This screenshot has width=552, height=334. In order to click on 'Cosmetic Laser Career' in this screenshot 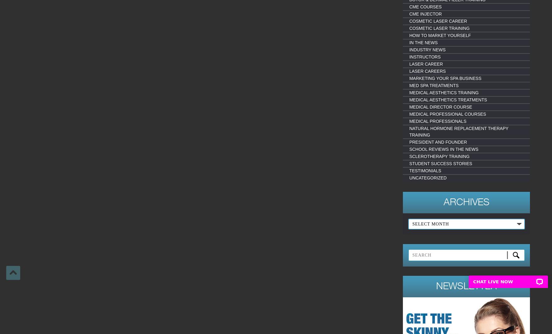, I will do `click(438, 21)`.